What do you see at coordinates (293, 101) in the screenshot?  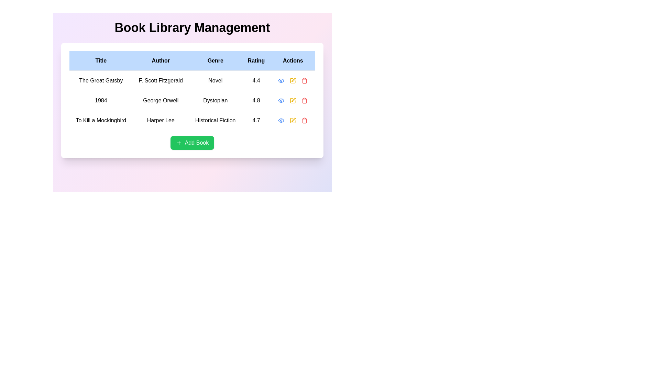 I see `the edit icon button in the Actions column of the table for the '1984' row` at bounding box center [293, 101].